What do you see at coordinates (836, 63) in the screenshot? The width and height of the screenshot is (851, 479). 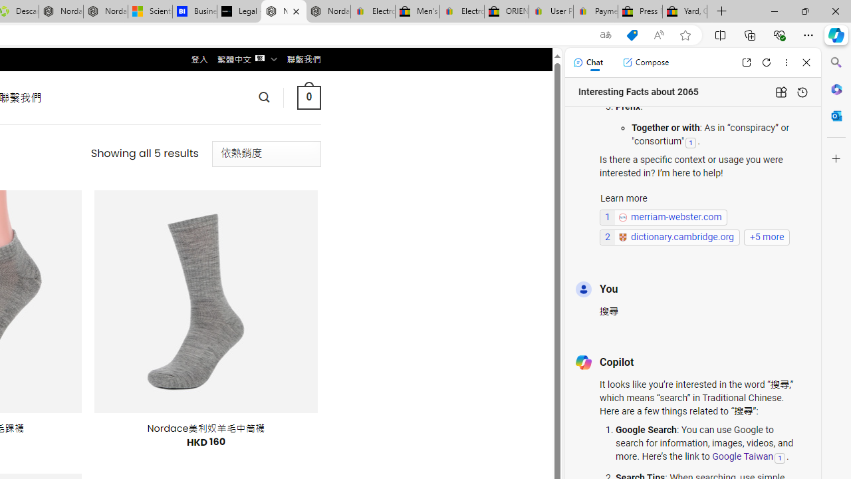 I see `'Minimize Search pane'` at bounding box center [836, 63].